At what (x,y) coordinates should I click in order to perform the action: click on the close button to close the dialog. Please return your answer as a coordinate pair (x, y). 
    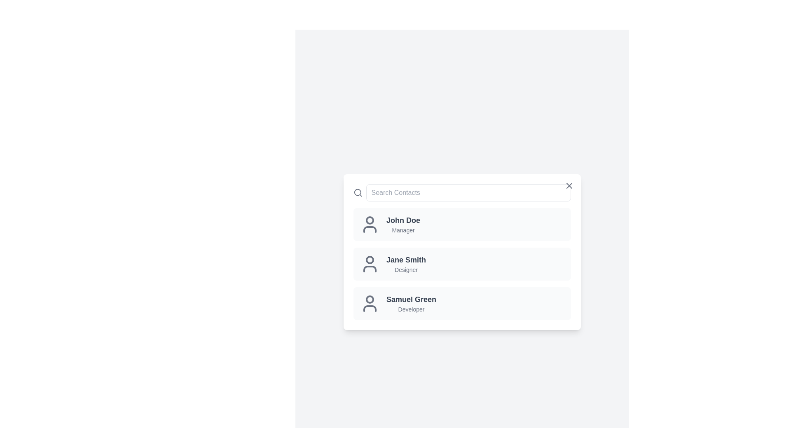
    Looking at the image, I should click on (569, 186).